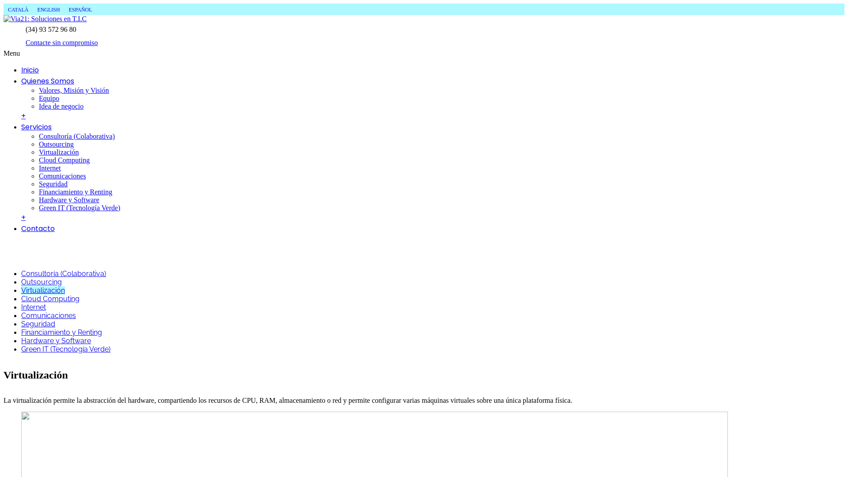  Describe the element at coordinates (68, 200) in the screenshot. I see `'Hardware y Software'` at that location.